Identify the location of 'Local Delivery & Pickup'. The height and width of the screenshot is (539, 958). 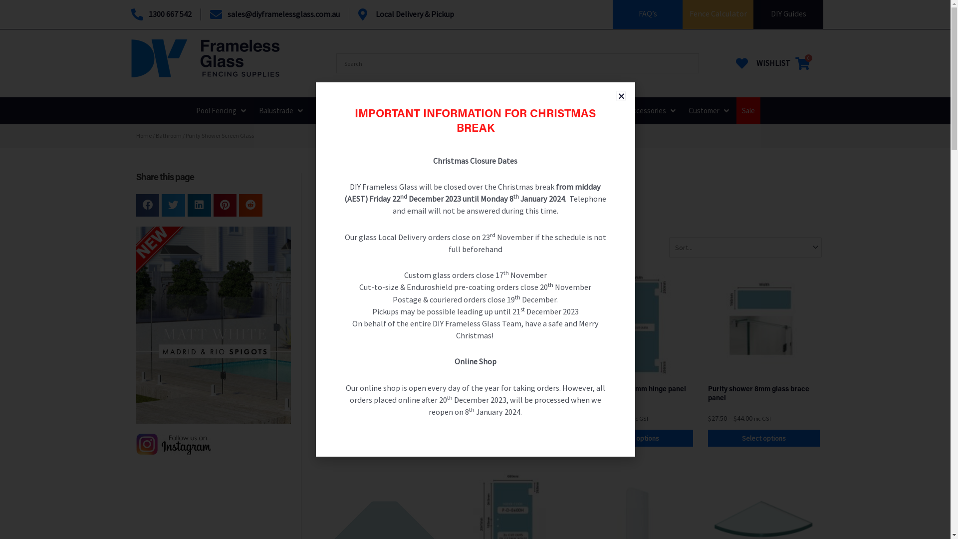
(406, 14).